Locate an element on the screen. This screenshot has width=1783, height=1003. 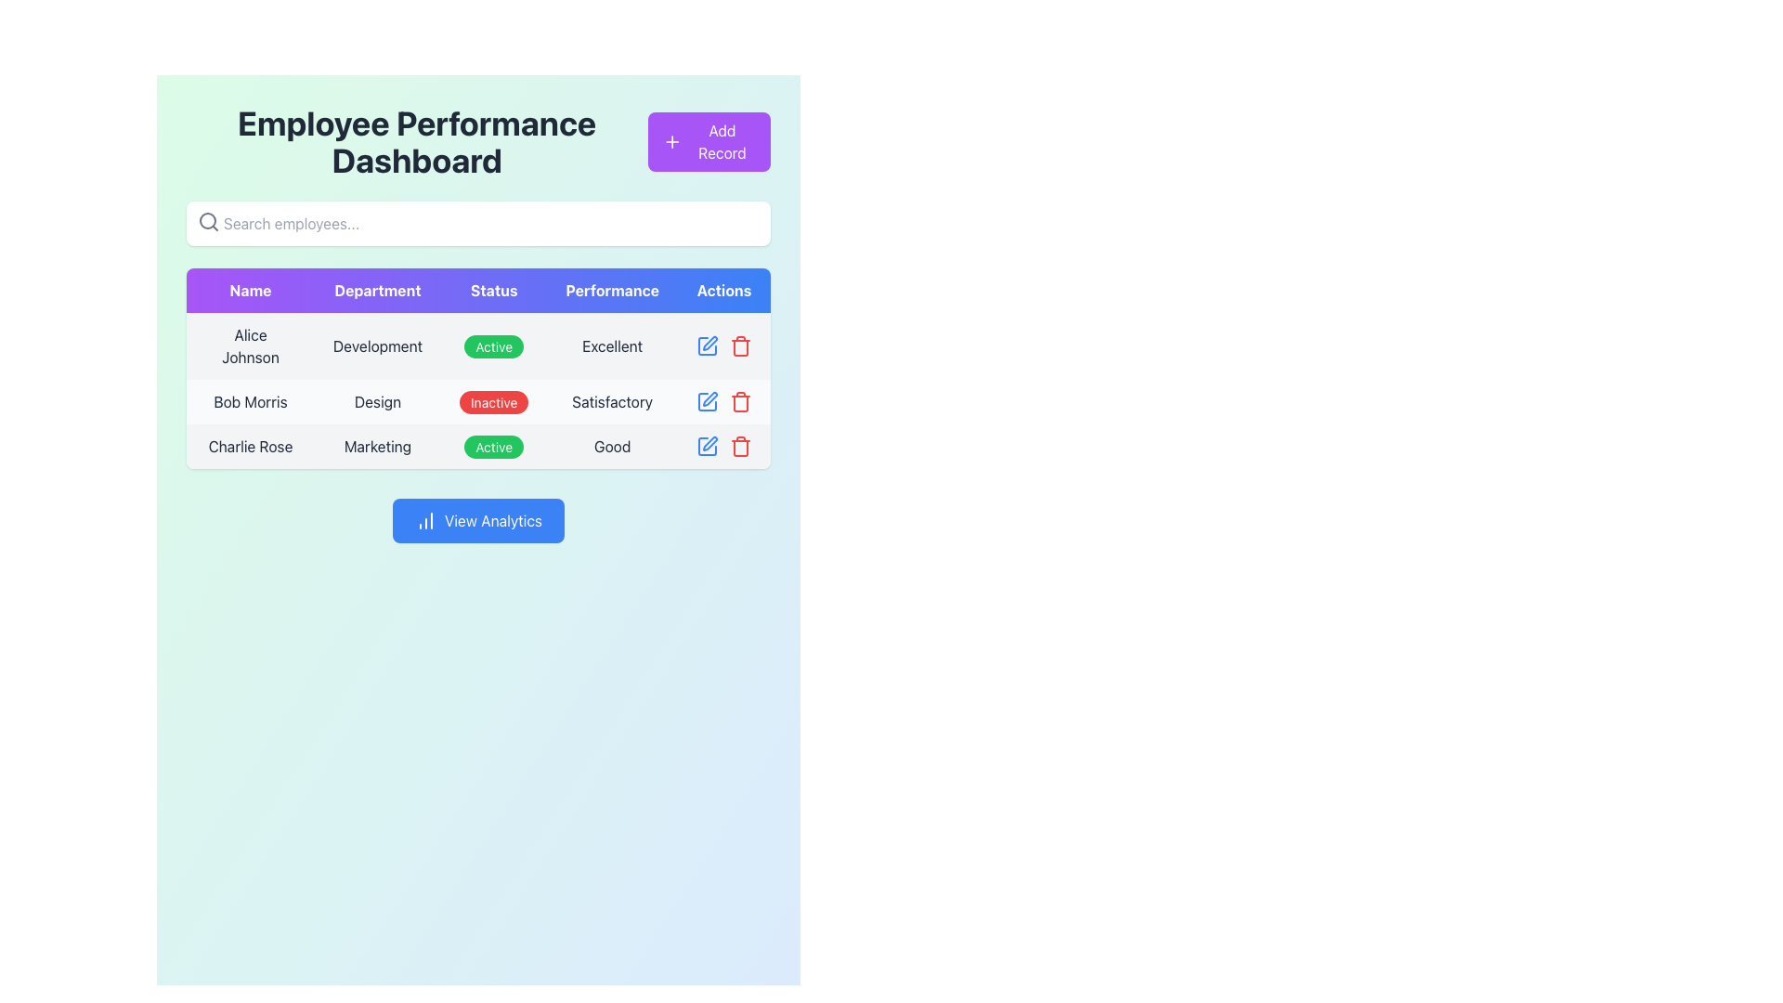
the green rectangular button labeled 'Active' in the 'Status' column of the 'Alice Johnson' row is located at coordinates (494, 346).